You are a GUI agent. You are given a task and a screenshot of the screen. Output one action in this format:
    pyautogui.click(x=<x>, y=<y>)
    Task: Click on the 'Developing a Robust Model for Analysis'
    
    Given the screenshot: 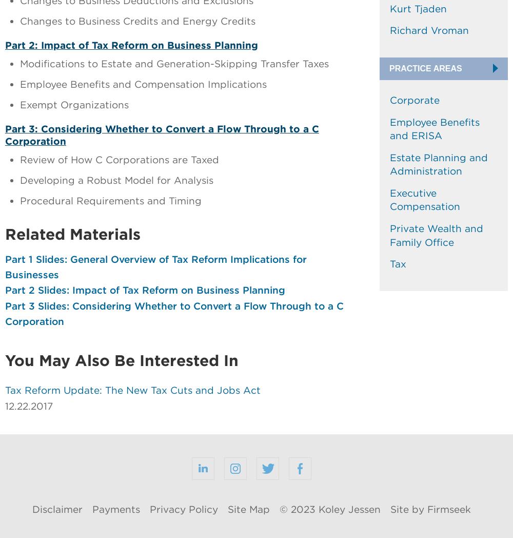 What is the action you would take?
    pyautogui.click(x=115, y=179)
    